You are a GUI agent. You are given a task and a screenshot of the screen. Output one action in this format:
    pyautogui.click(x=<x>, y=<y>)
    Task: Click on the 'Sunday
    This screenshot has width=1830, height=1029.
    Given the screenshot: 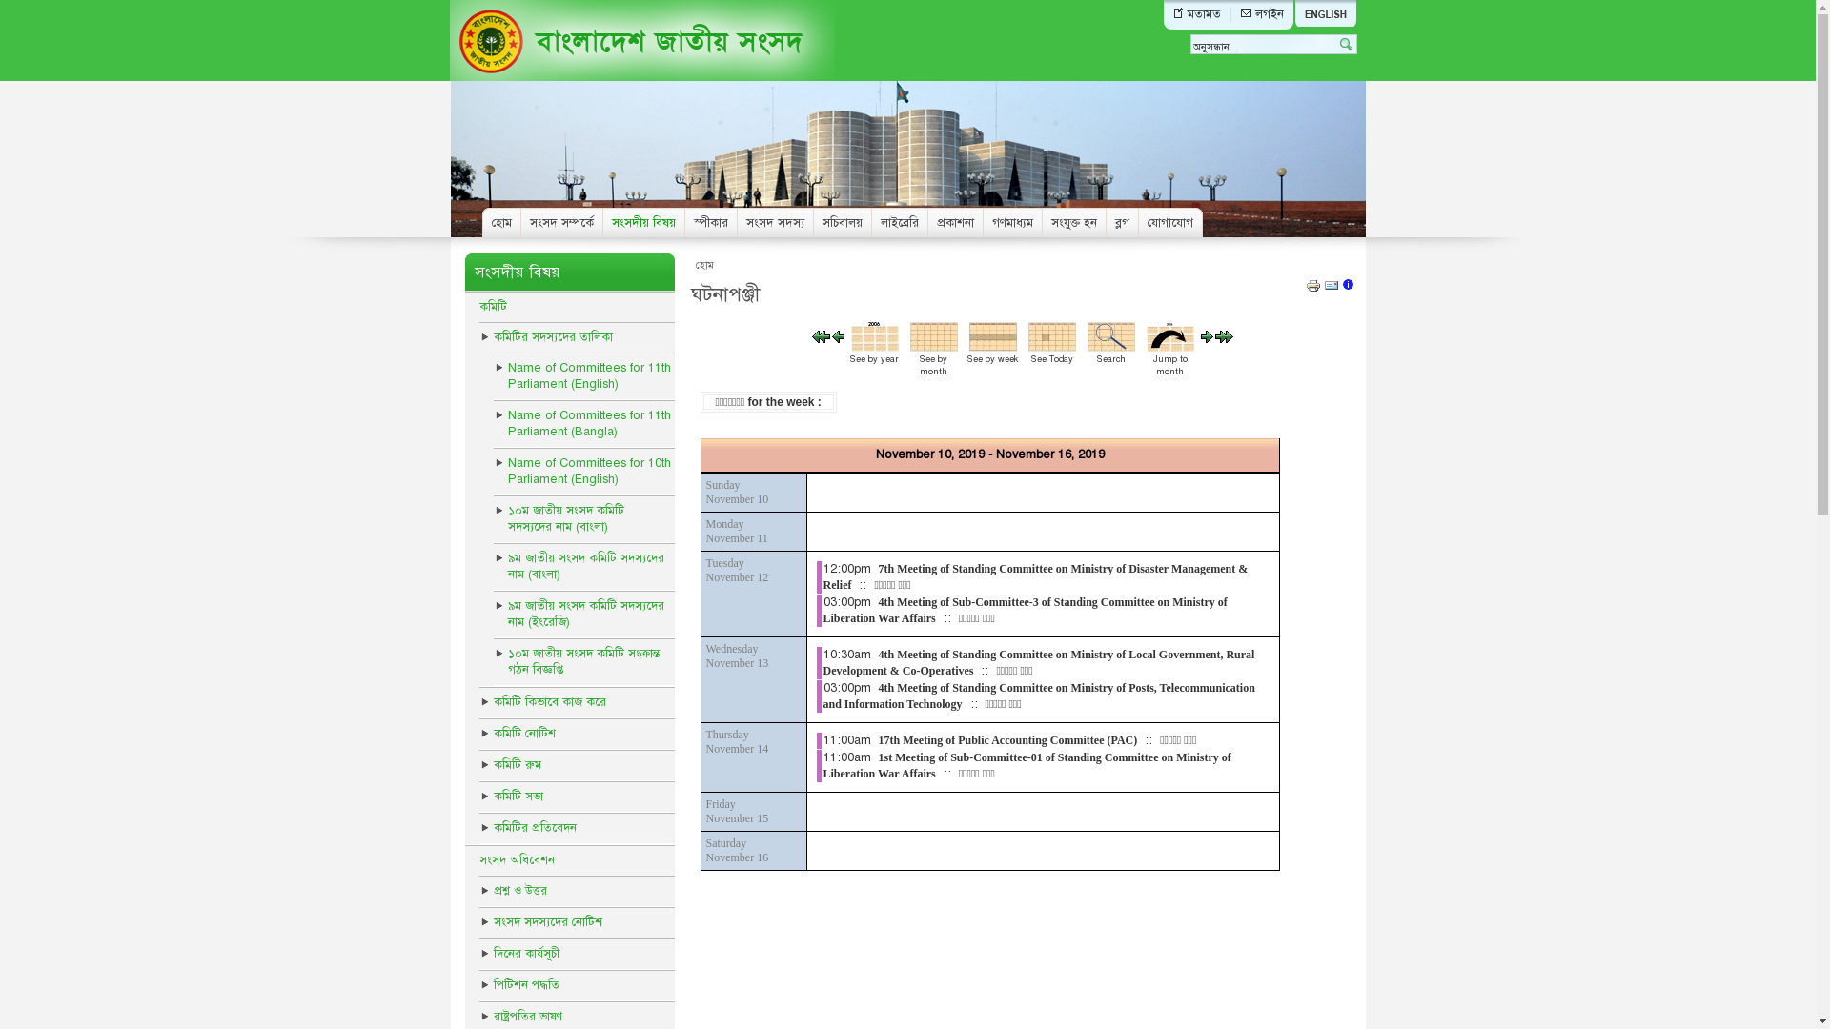 What is the action you would take?
    pyautogui.click(x=735, y=491)
    